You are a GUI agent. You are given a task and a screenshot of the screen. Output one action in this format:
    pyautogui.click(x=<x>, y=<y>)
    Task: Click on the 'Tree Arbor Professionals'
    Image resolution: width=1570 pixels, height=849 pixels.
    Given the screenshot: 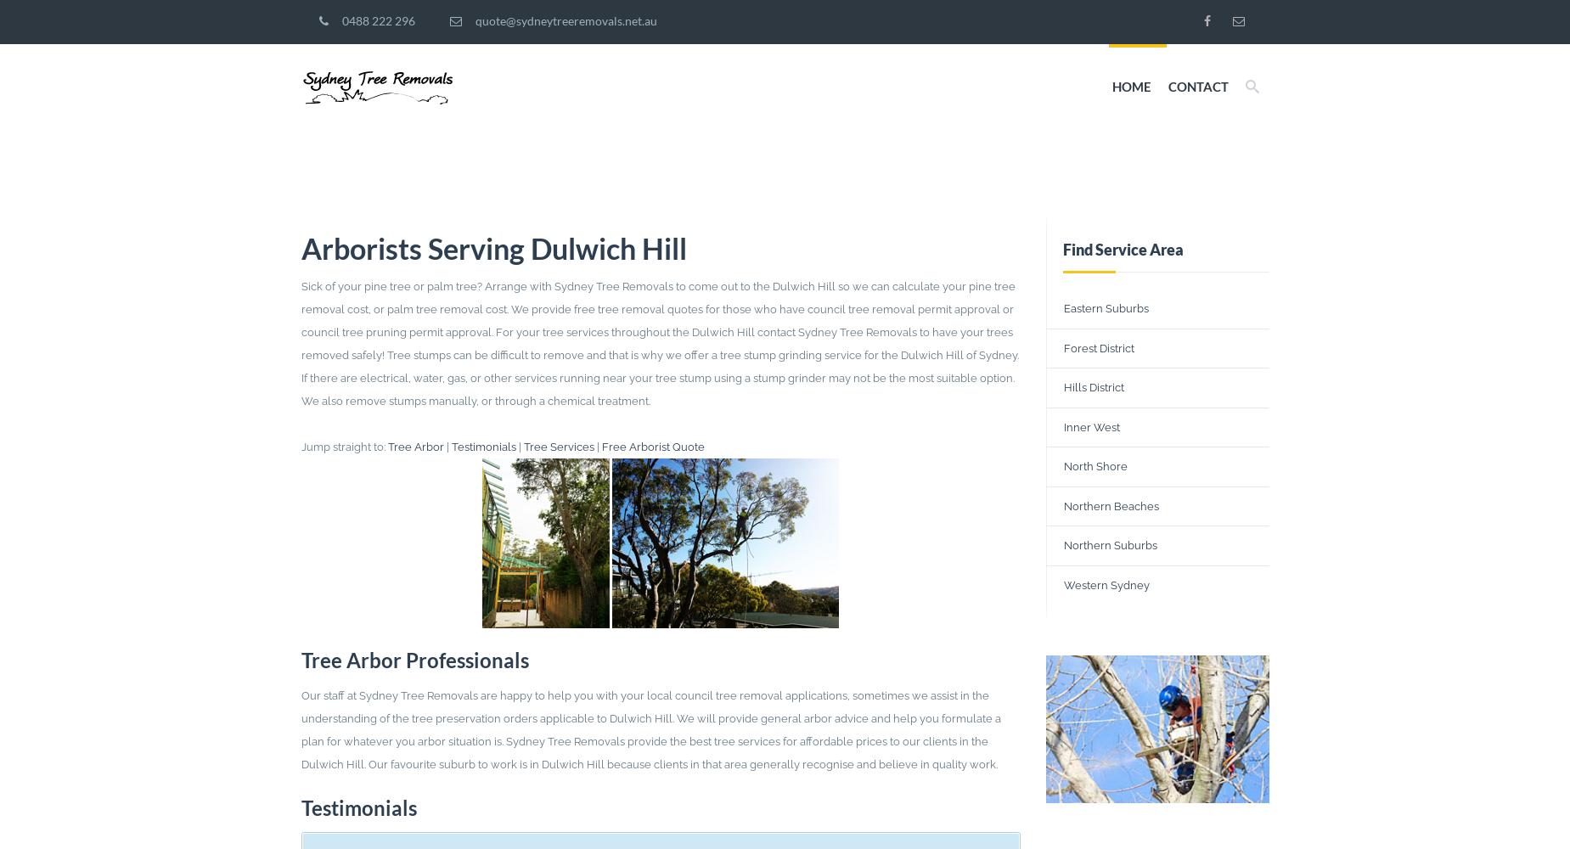 What is the action you would take?
    pyautogui.click(x=413, y=660)
    